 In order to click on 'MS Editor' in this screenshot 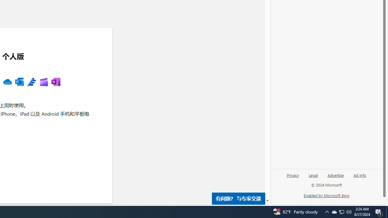, I will do `click(31, 82)`.